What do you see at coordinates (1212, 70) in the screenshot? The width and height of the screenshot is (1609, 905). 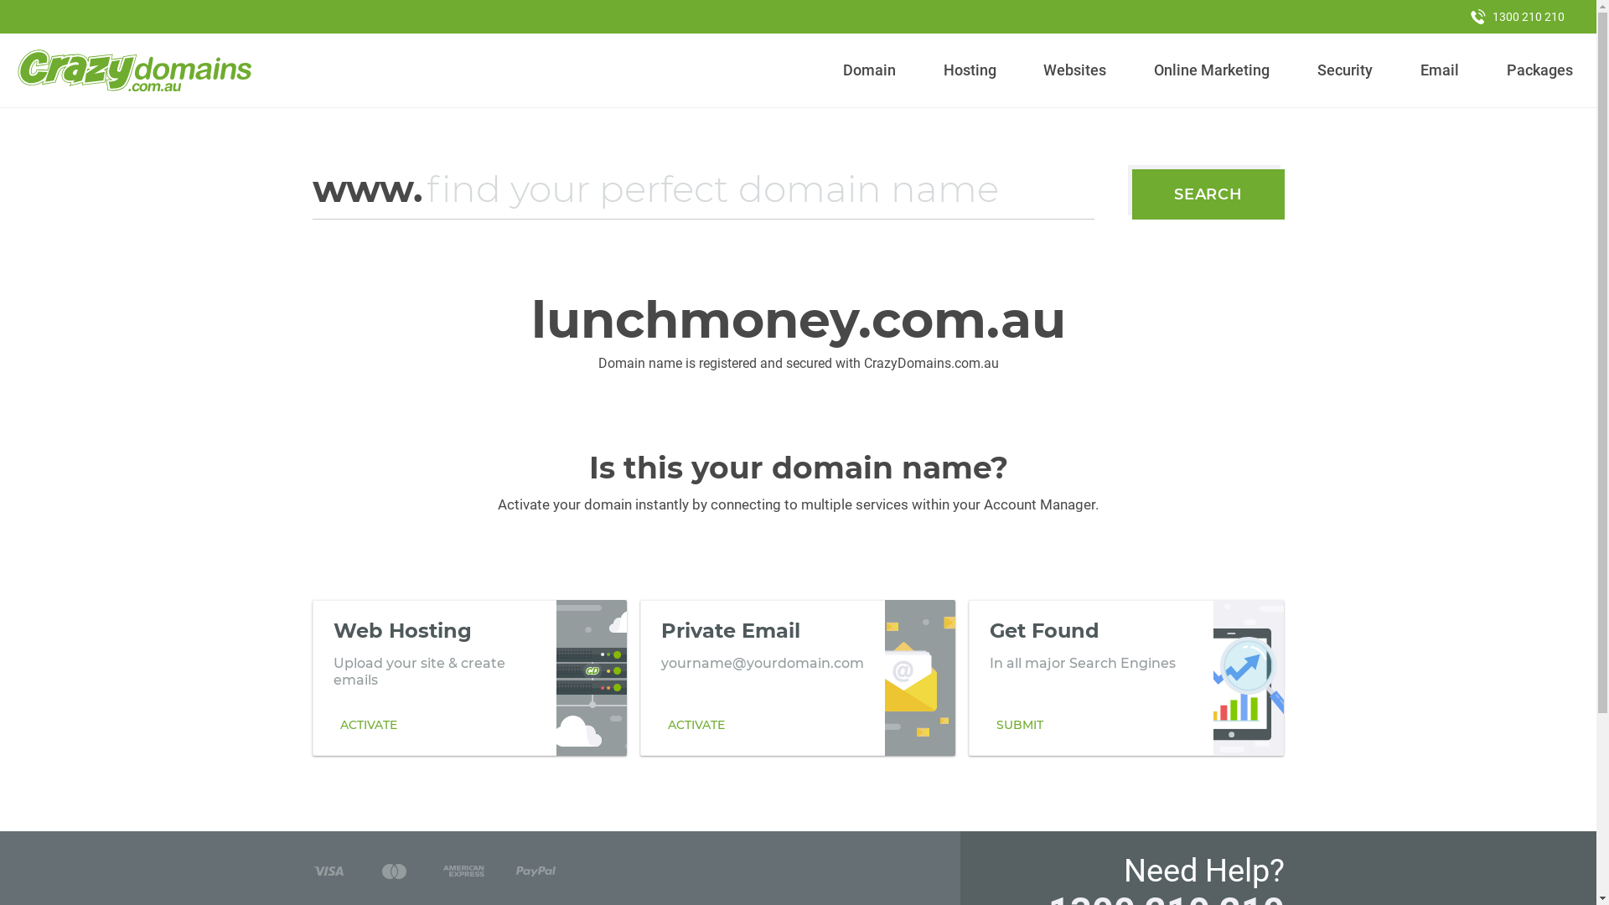 I see `'Online Marketing'` at bounding box center [1212, 70].